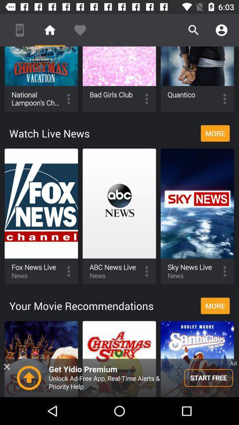 The height and width of the screenshot is (425, 239). Describe the element at coordinates (119, 78) in the screenshot. I see `the bad girls club option` at that location.